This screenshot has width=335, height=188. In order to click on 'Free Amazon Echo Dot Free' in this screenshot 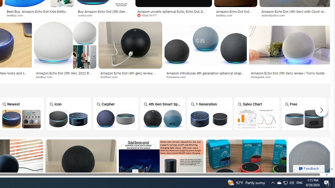, I will do `click(304, 113)`.